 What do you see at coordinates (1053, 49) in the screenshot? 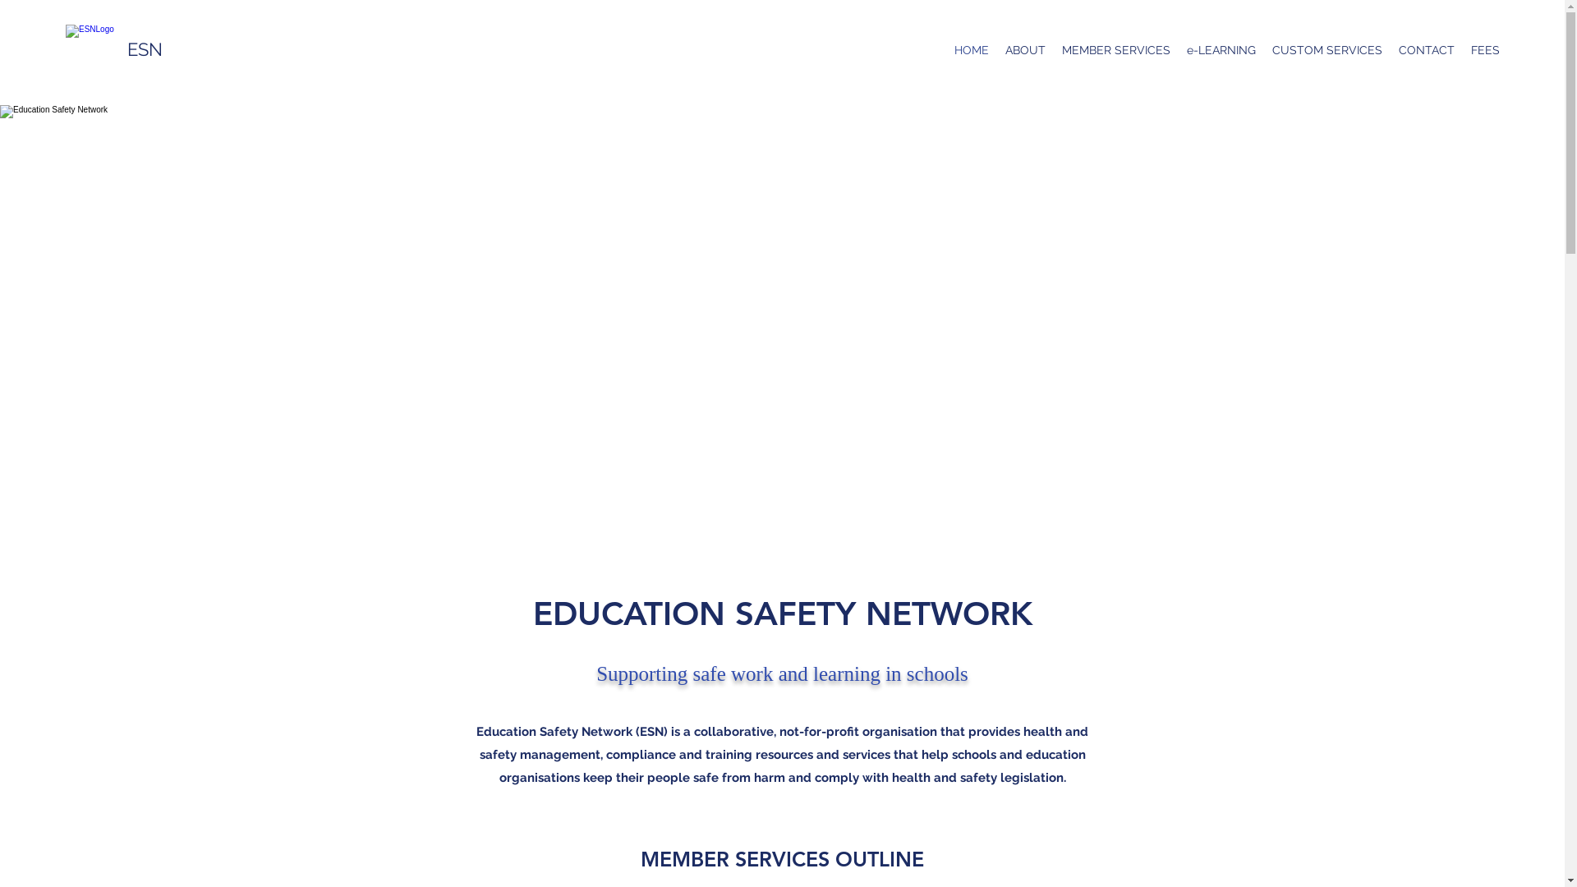
I see `'MEMBER SERVICES'` at bounding box center [1053, 49].